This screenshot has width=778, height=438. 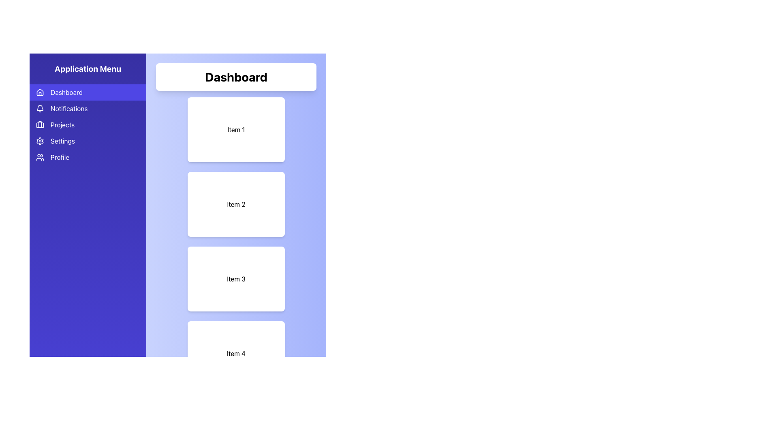 I want to click on the 'Profile' icon located in the vertical application menu, which is the last item in the list, positioned to the left of the 'Profile' text label, so click(x=40, y=157).